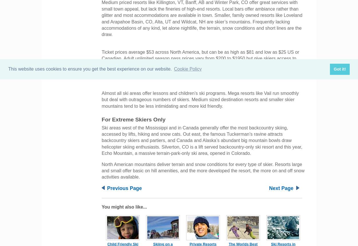  Describe the element at coordinates (201, 140) in the screenshot. I see `'Ski areas west of the Mississippi and in Canada generally offer the most backcountry skiing, accessed by lifts, hiking and snow cats. Out east, the famous Tuckerman’s ravine attracts backcountry skiers and partiers, and Canada and Alaska’s abundant big mountain bowls draw helicopter skiing enthusiasts. Silverton, CO is a lift served backcountry-only ski resort and this year, Echo Mountain, a massive terrain-park-only ski area, opened in Colorado.'` at that location.